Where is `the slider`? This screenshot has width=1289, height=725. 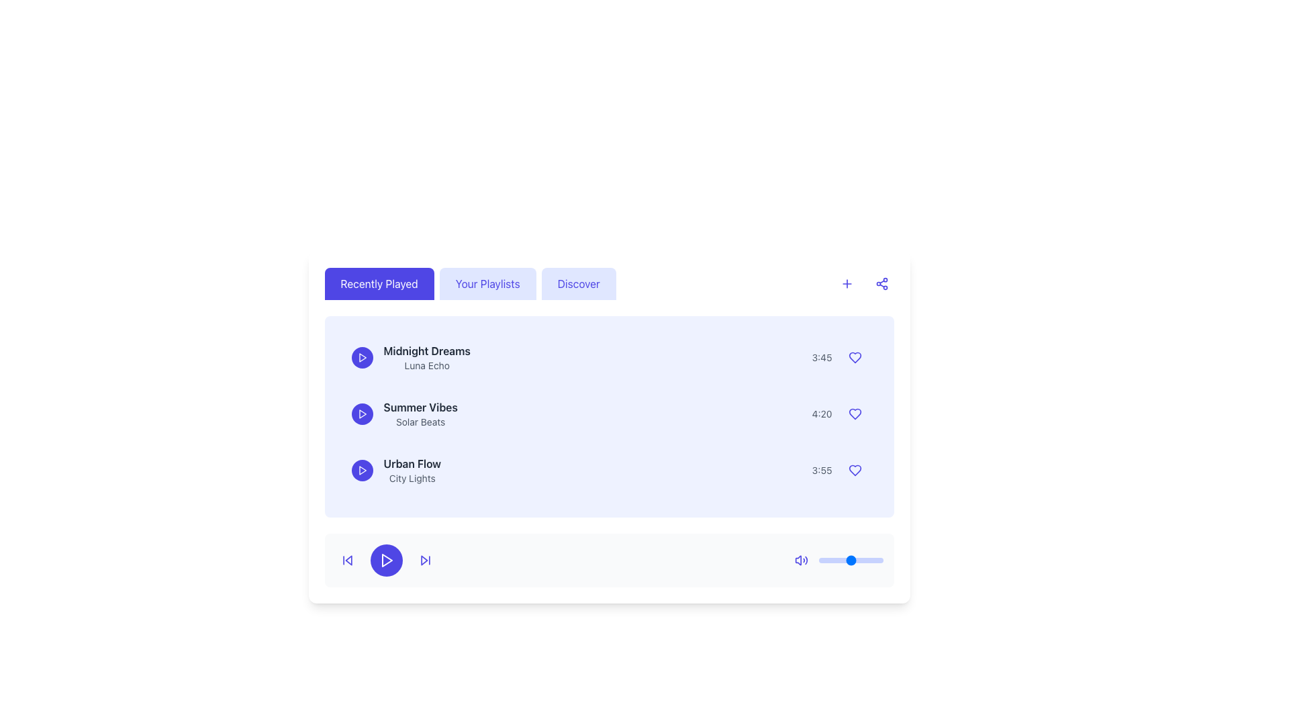
the slider is located at coordinates (834, 560).